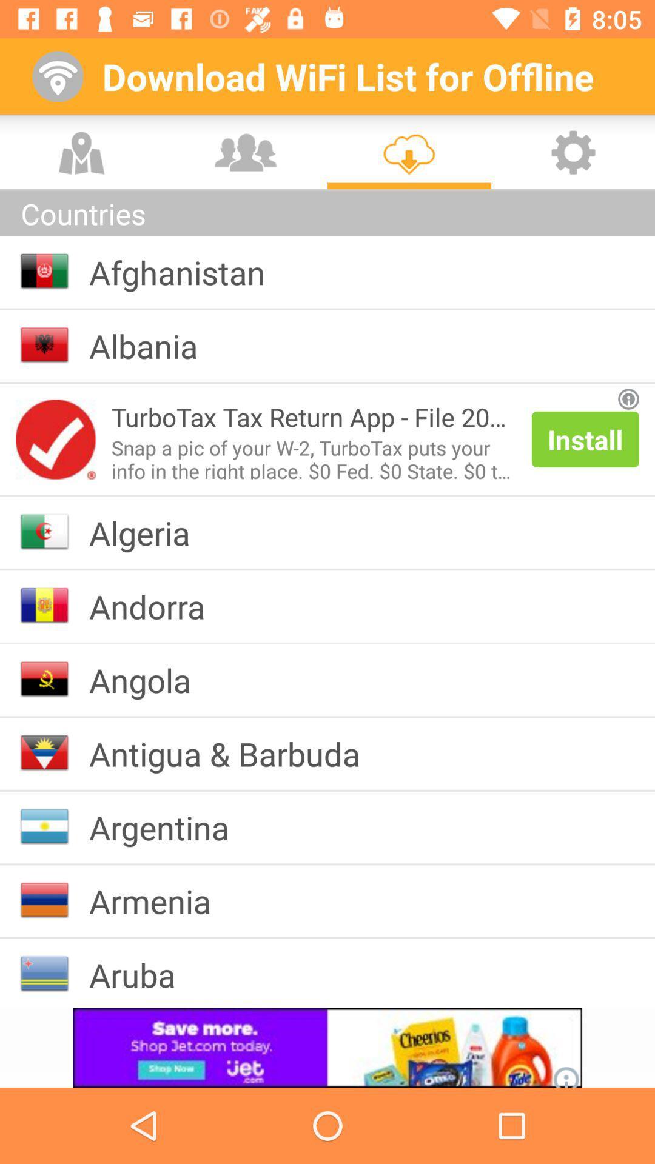 This screenshot has width=655, height=1164. I want to click on the icon above snap a pic icon, so click(313, 416).